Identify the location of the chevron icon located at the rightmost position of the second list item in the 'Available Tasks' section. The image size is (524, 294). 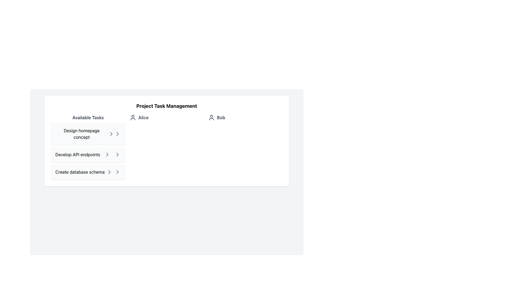
(107, 154).